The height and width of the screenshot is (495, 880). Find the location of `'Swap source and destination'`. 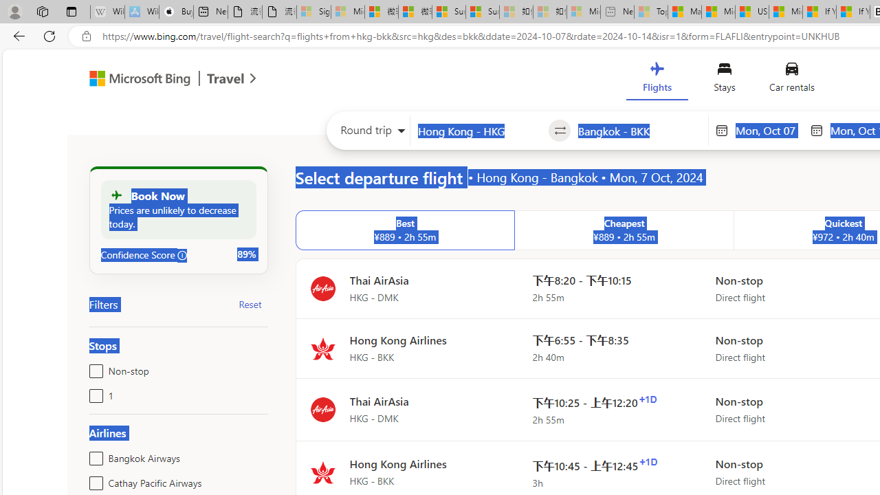

'Swap source and destination' is located at coordinates (560, 131).